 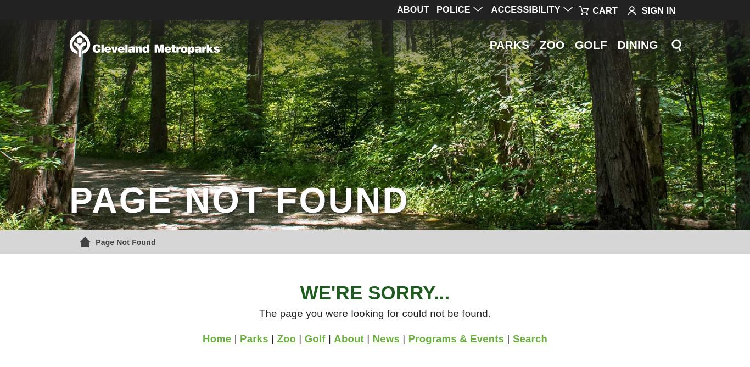 I want to click on 'Search', so click(x=512, y=337).